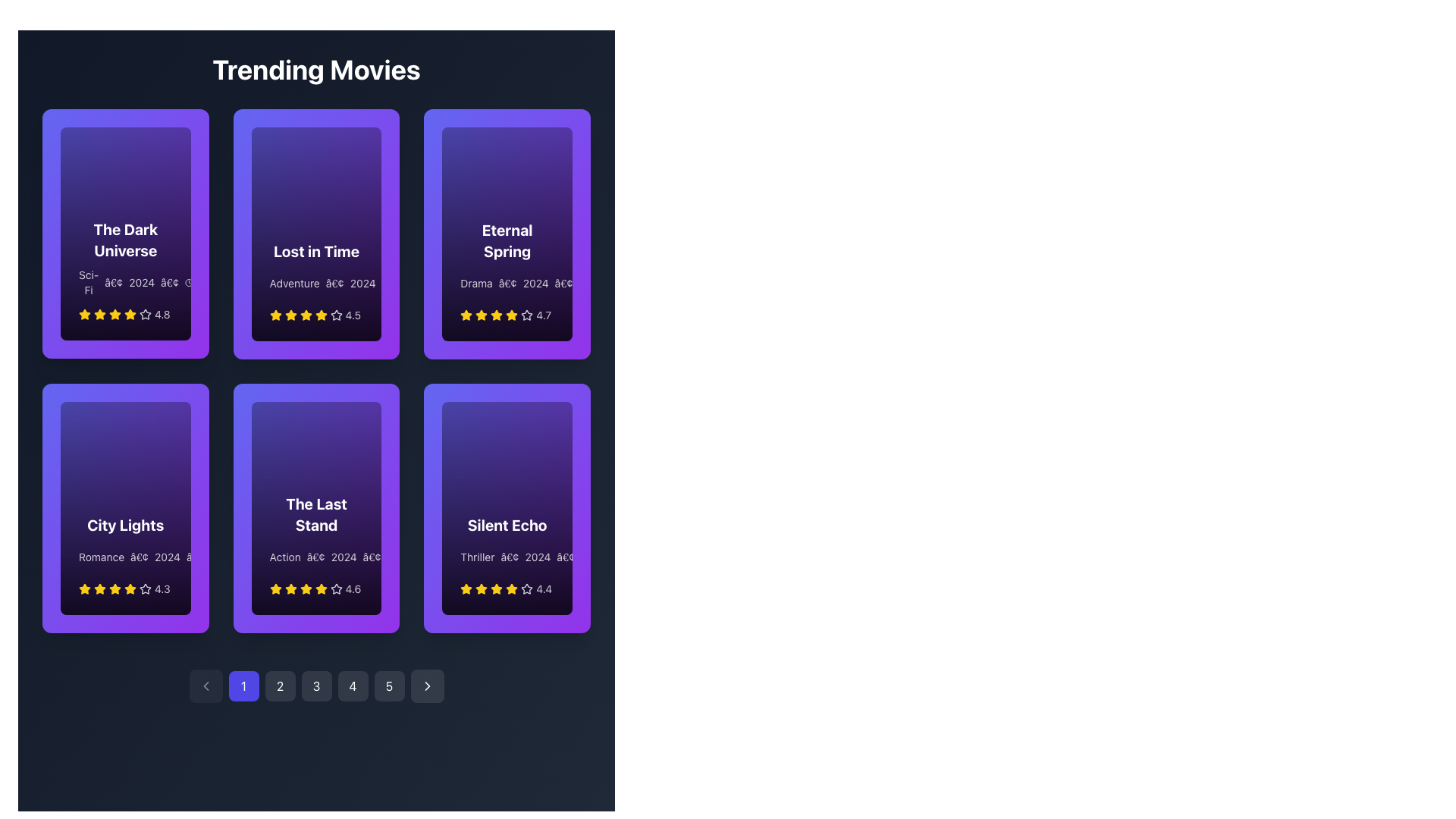 The width and height of the screenshot is (1456, 819). I want to click on the descriptive metadata text for the film 'City Lights', which includes the genre 'Romance', release year '2024', and runtime '1h 45m', located in the second row of the 'Trending Movies' grid, so click(125, 557).